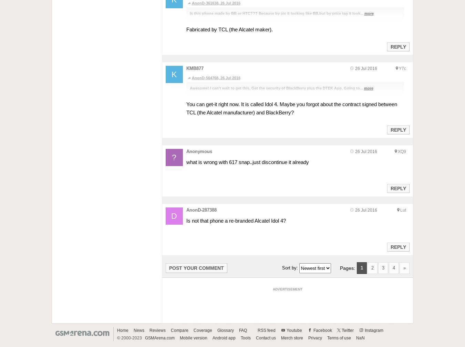  Describe the element at coordinates (201, 209) in the screenshot. I see `'AnonD-287388'` at that location.